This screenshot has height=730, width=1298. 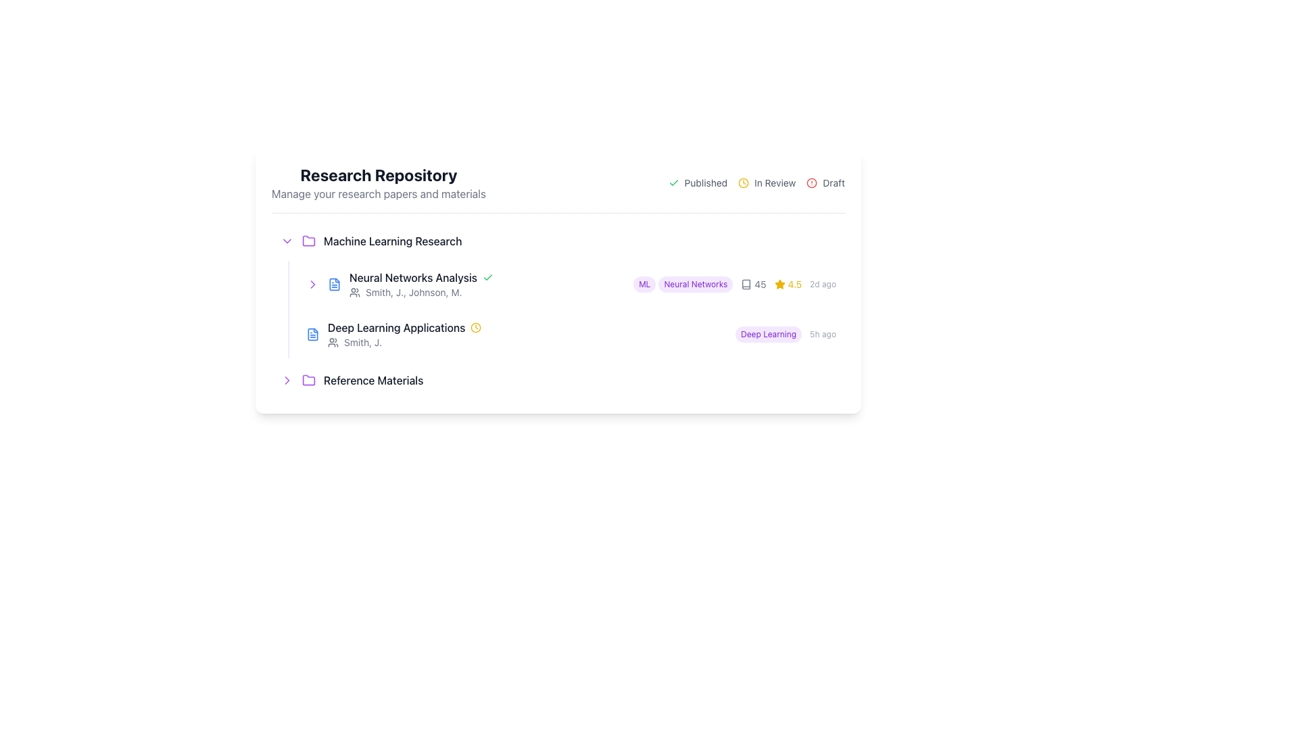 I want to click on the 'Reference Materials' navigation link, so click(x=558, y=381).